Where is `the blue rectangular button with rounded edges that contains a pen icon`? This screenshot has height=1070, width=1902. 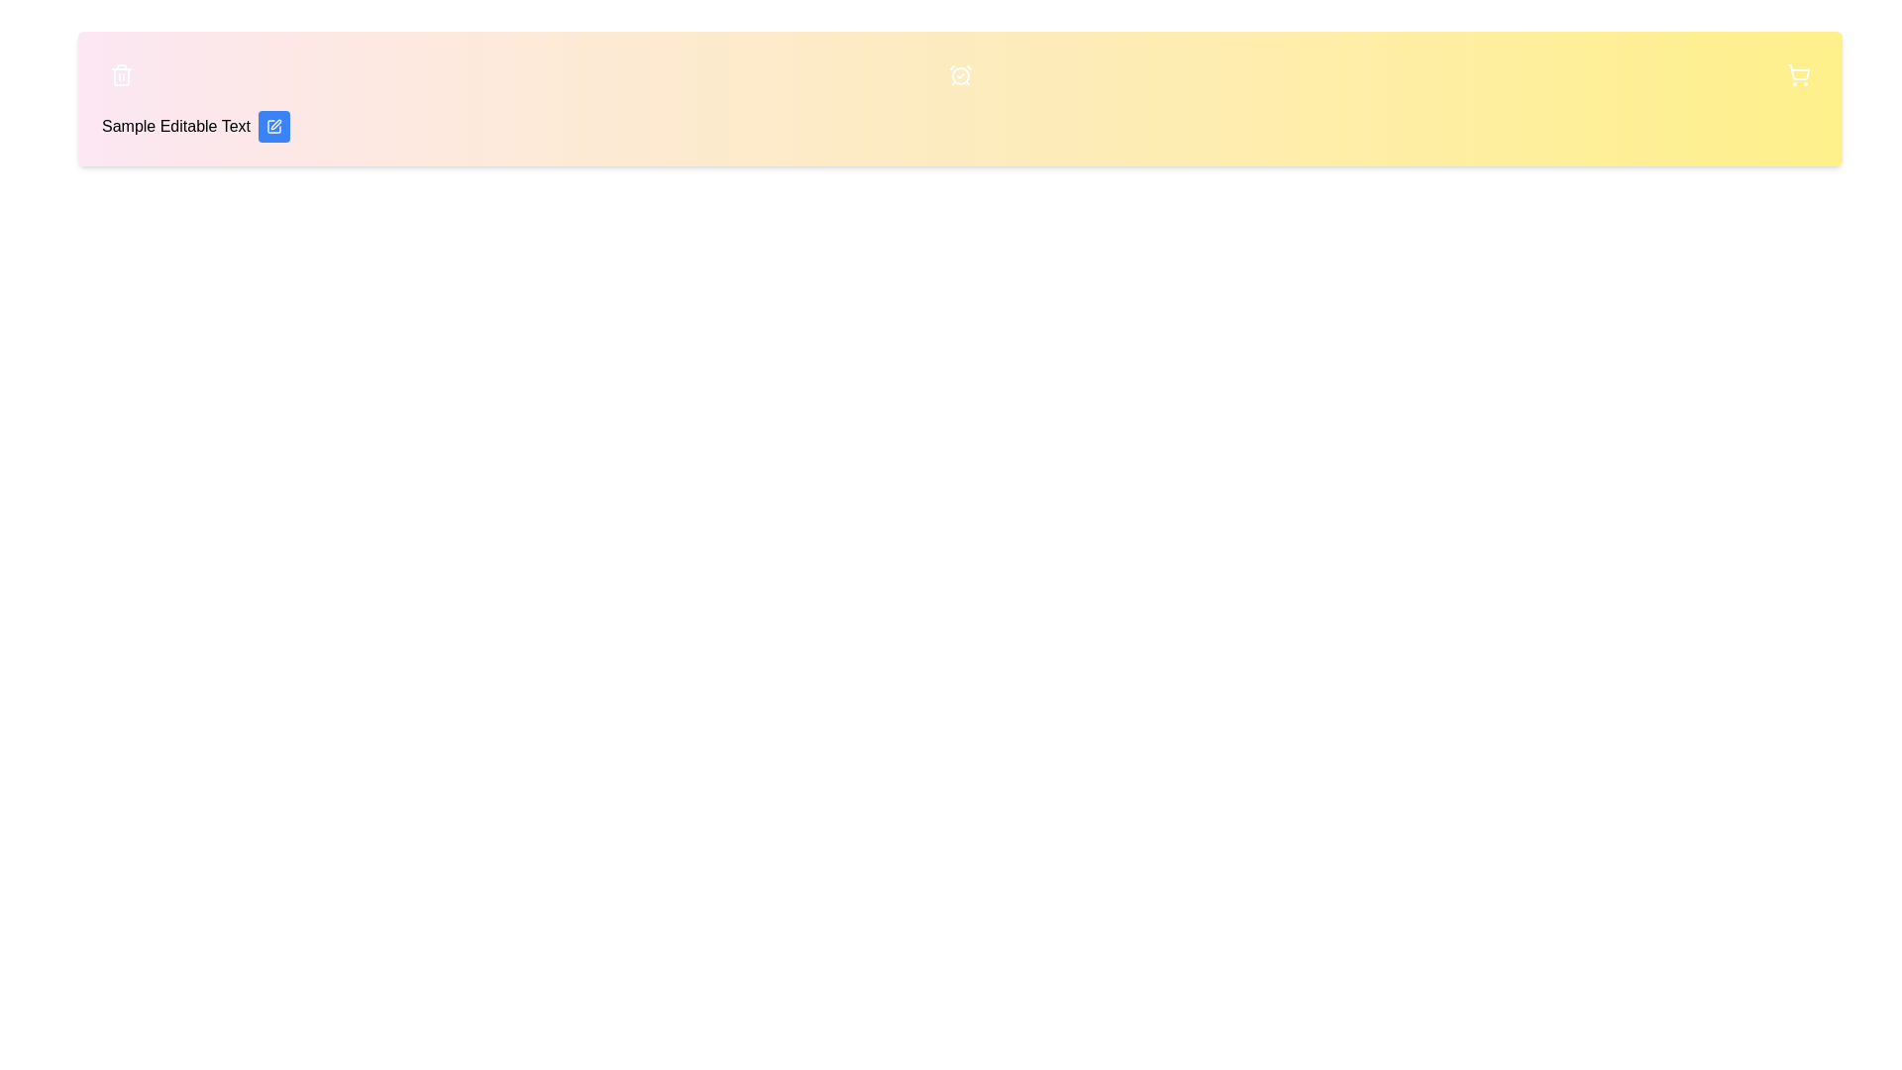 the blue rectangular button with rounded edges that contains a pen icon is located at coordinates (273, 126).